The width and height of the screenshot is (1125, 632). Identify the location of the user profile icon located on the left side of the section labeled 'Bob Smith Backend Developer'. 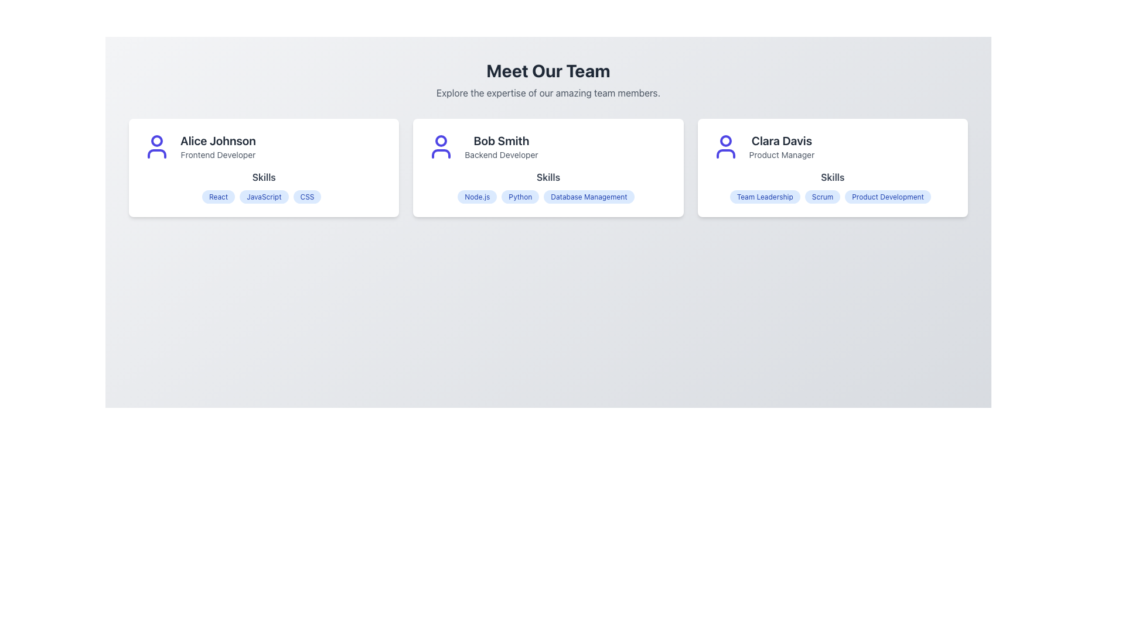
(441, 146).